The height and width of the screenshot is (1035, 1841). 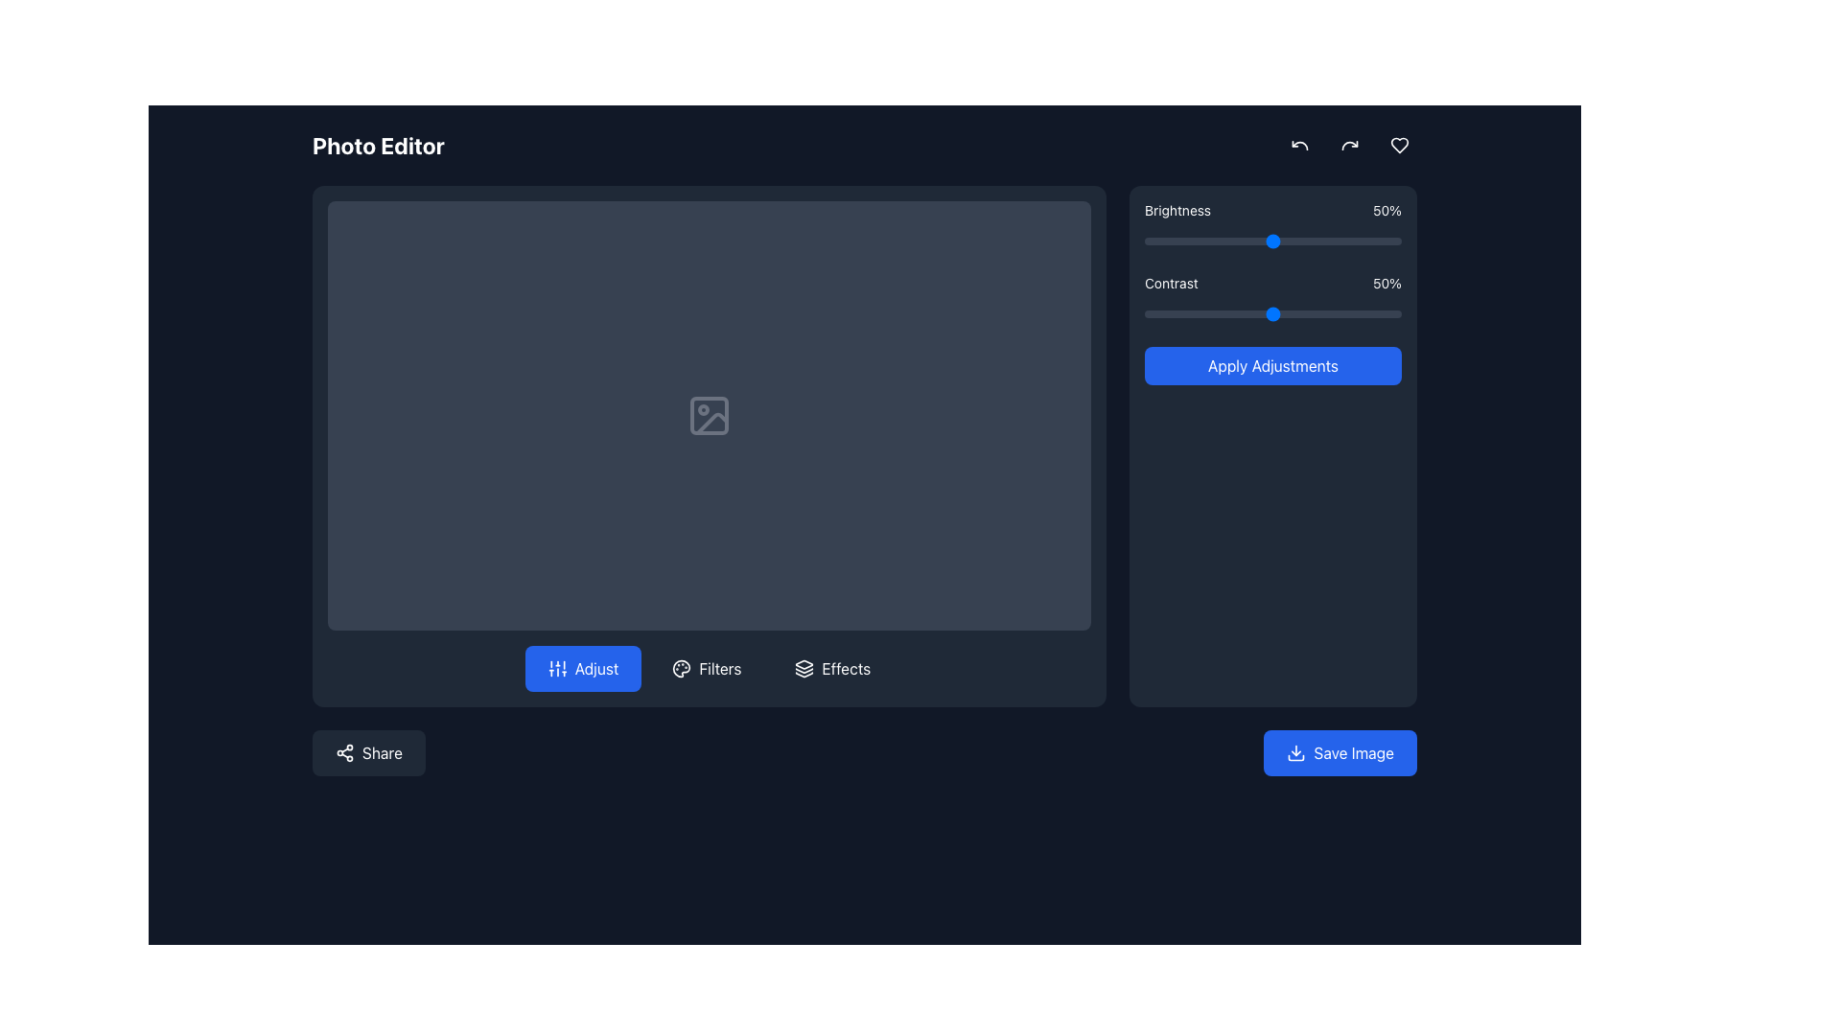 I want to click on the blue button labeled 'Adjust' which contains a vertical sliders icon, so click(x=556, y=667).